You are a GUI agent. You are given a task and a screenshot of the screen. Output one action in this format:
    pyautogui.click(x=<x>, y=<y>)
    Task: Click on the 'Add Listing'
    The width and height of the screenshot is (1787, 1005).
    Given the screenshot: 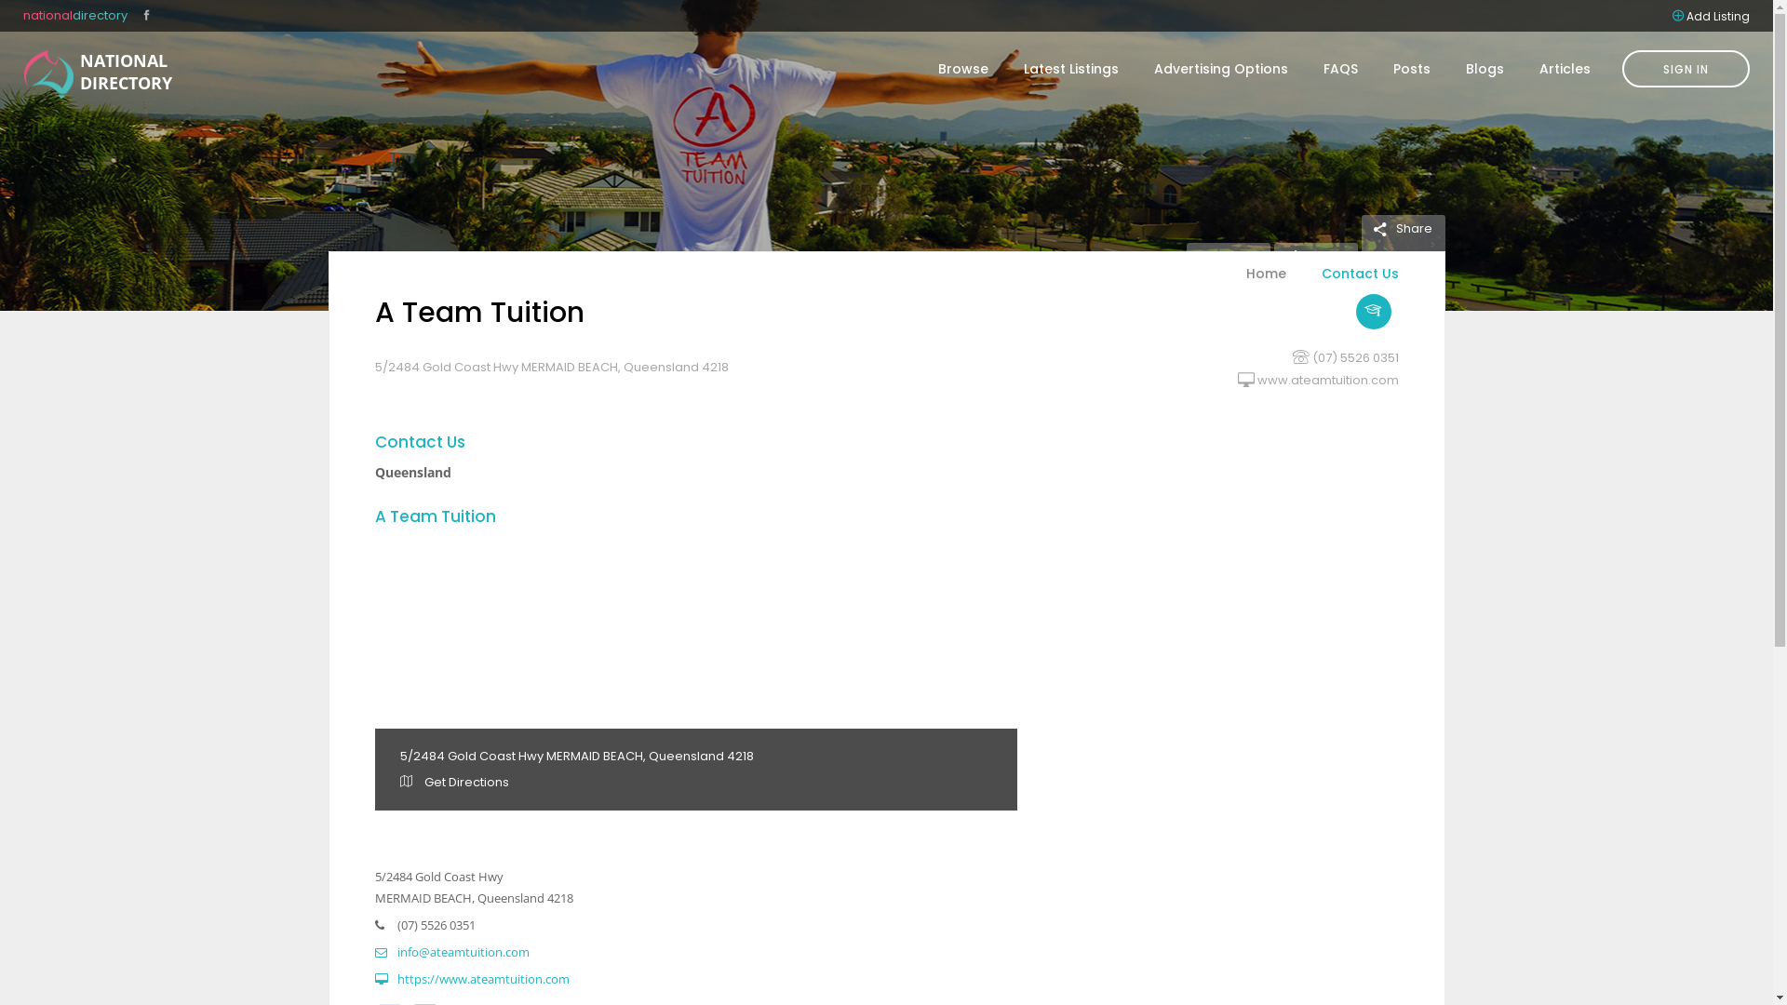 What is the action you would take?
    pyautogui.click(x=1717, y=15)
    